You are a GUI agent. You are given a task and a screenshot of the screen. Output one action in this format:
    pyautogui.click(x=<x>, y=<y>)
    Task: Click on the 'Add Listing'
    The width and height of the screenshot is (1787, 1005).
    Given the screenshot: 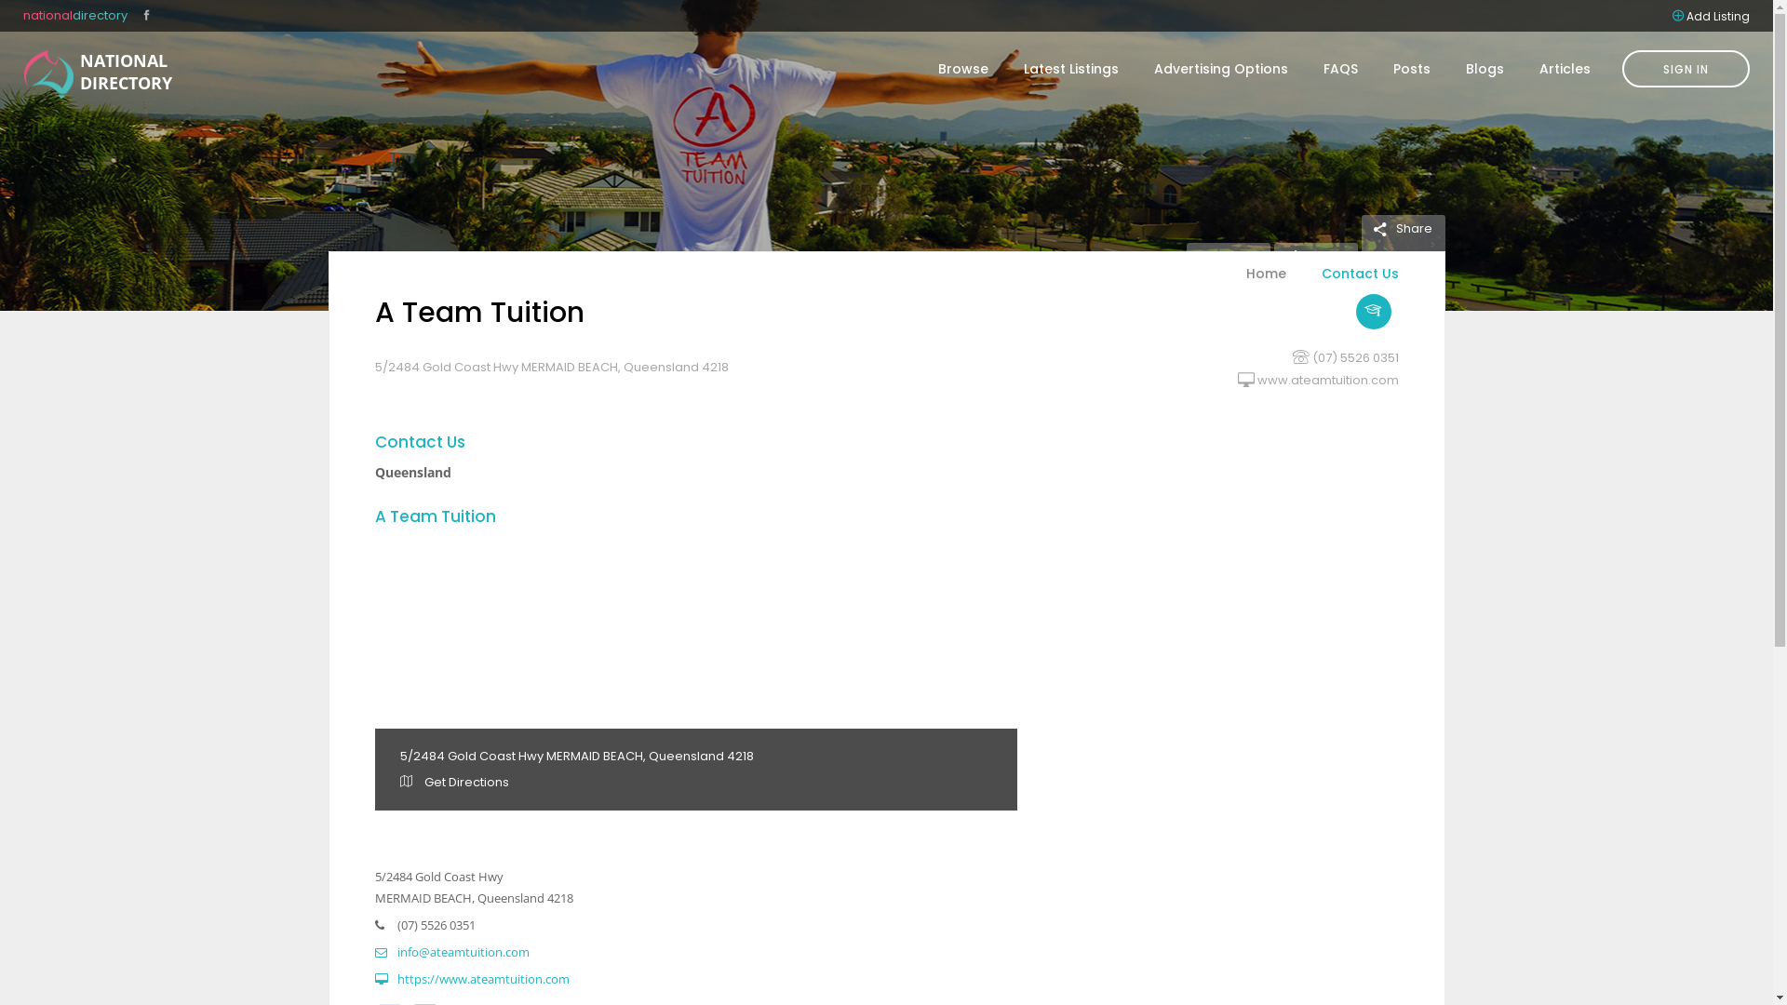 What is the action you would take?
    pyautogui.click(x=1717, y=15)
    